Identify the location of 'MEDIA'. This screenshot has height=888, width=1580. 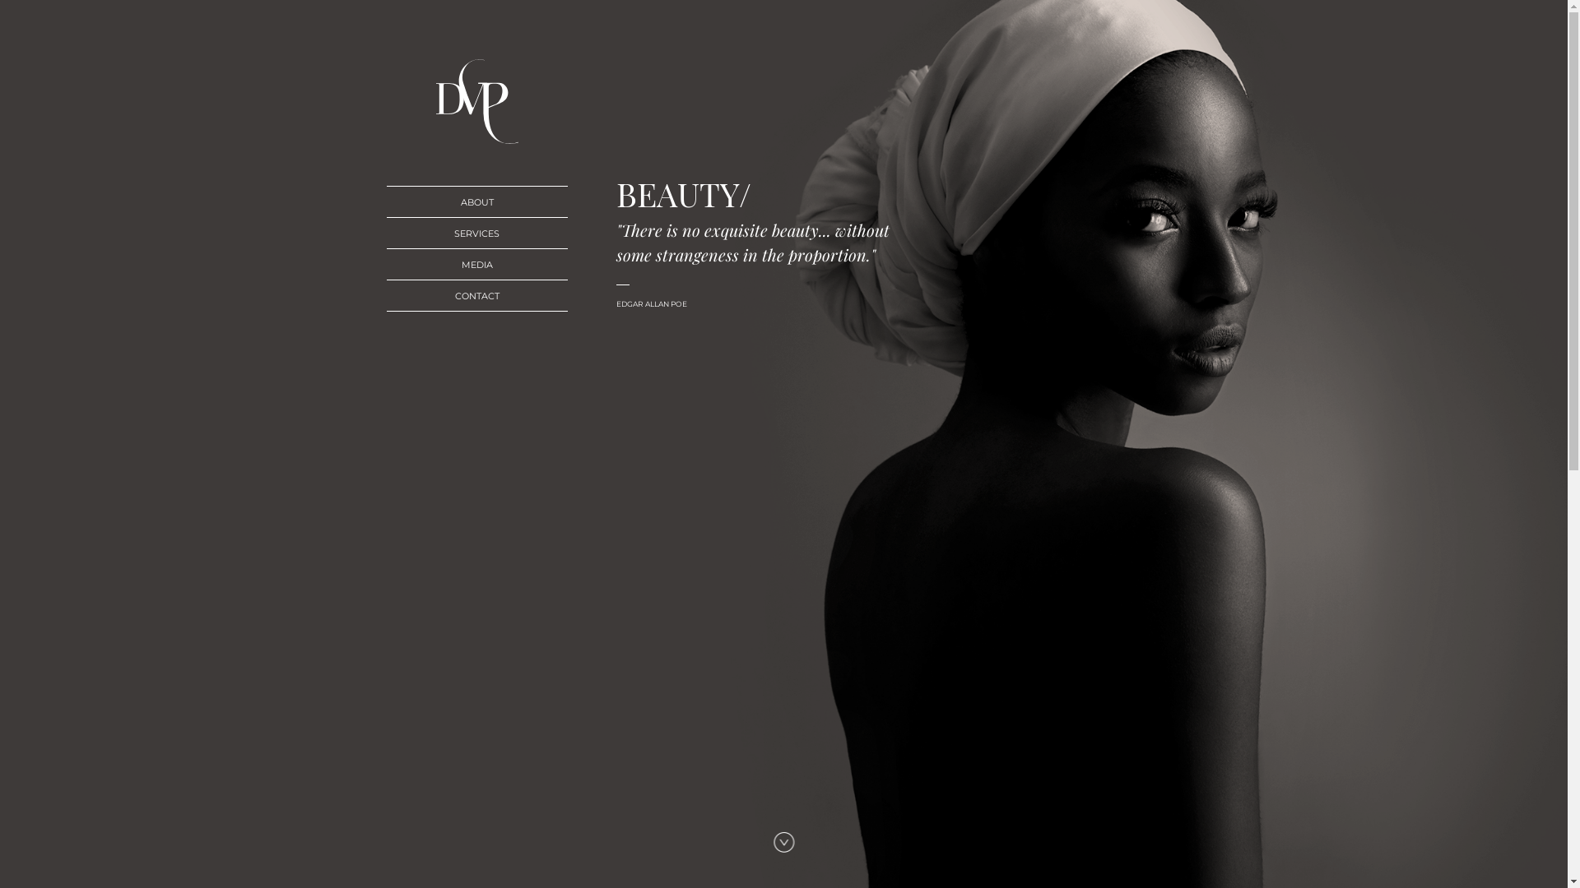
(476, 263).